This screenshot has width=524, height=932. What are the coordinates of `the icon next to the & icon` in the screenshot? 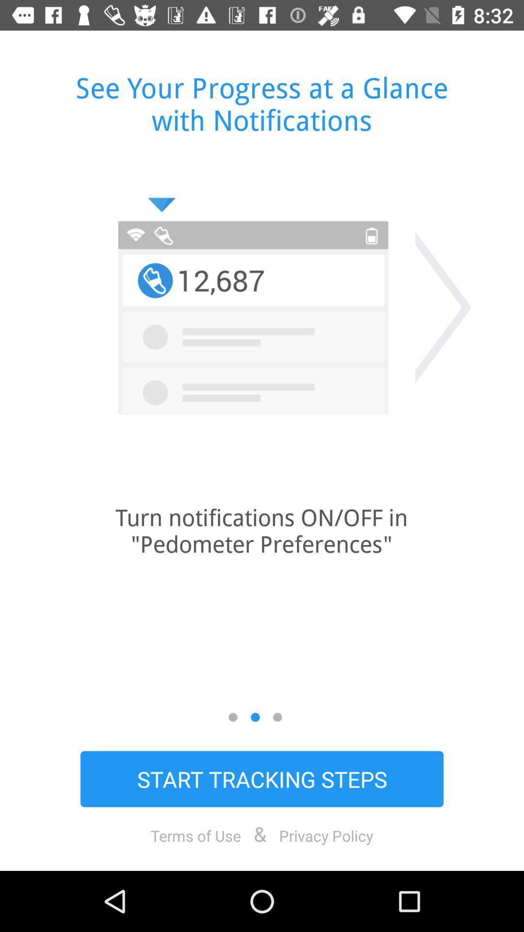 It's located at (326, 835).